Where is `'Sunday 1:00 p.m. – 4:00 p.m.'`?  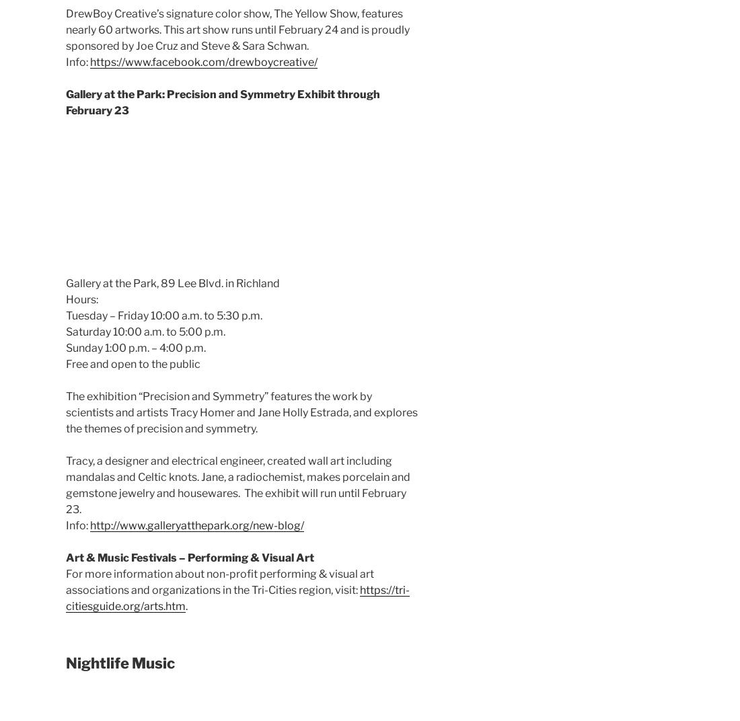
'Sunday 1:00 p.m. – 4:00 p.m.' is located at coordinates (135, 347).